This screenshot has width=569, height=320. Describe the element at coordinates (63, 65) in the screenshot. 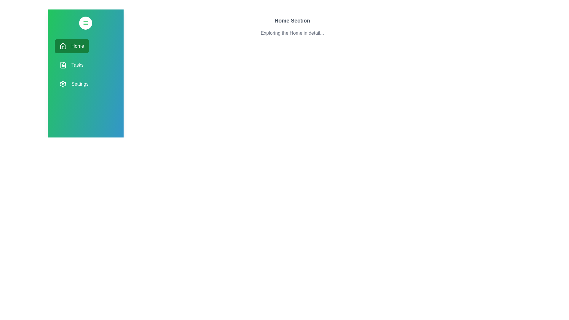

I see `the Decorative icon representing the 'Tasks' section in the navigation menu` at that location.